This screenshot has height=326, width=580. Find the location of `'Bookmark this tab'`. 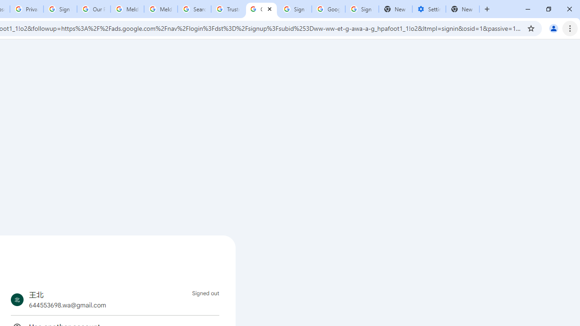

'Bookmark this tab' is located at coordinates (531, 28).